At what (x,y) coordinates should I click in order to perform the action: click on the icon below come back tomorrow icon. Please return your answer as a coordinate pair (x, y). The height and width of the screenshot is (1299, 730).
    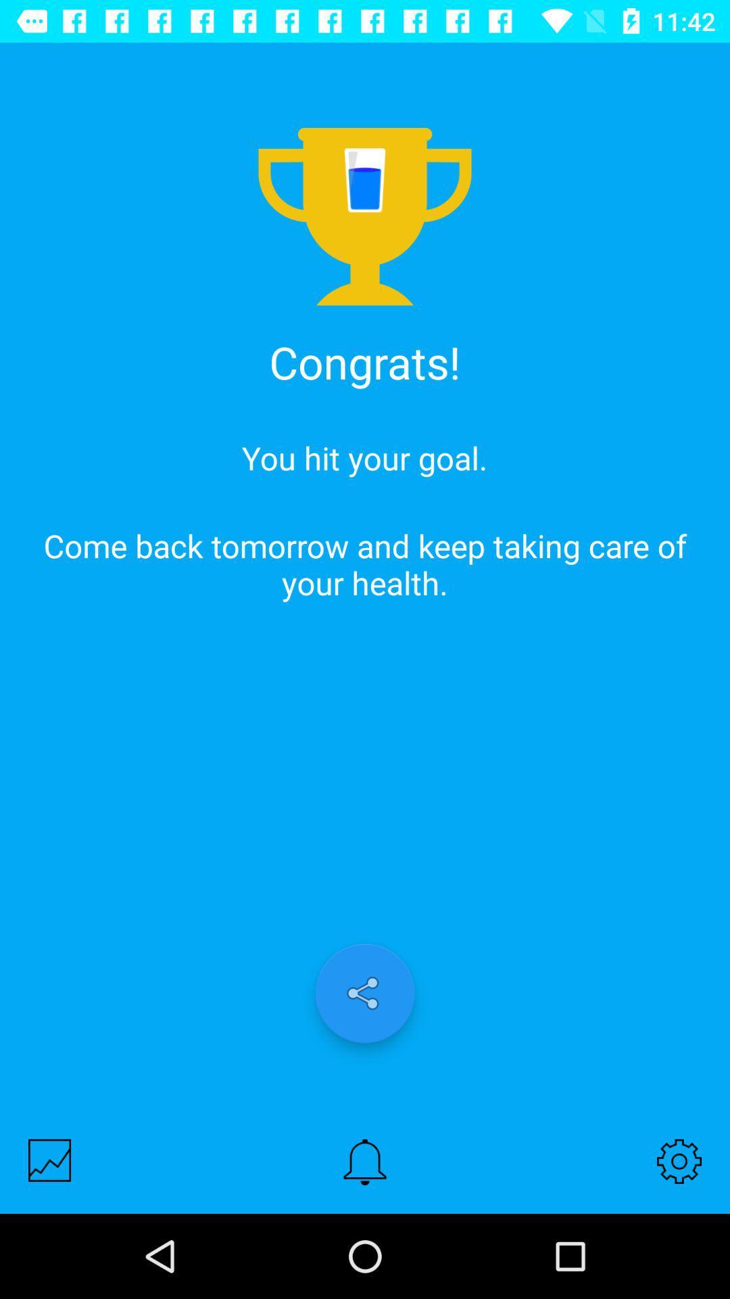
    Looking at the image, I should click on (679, 1160).